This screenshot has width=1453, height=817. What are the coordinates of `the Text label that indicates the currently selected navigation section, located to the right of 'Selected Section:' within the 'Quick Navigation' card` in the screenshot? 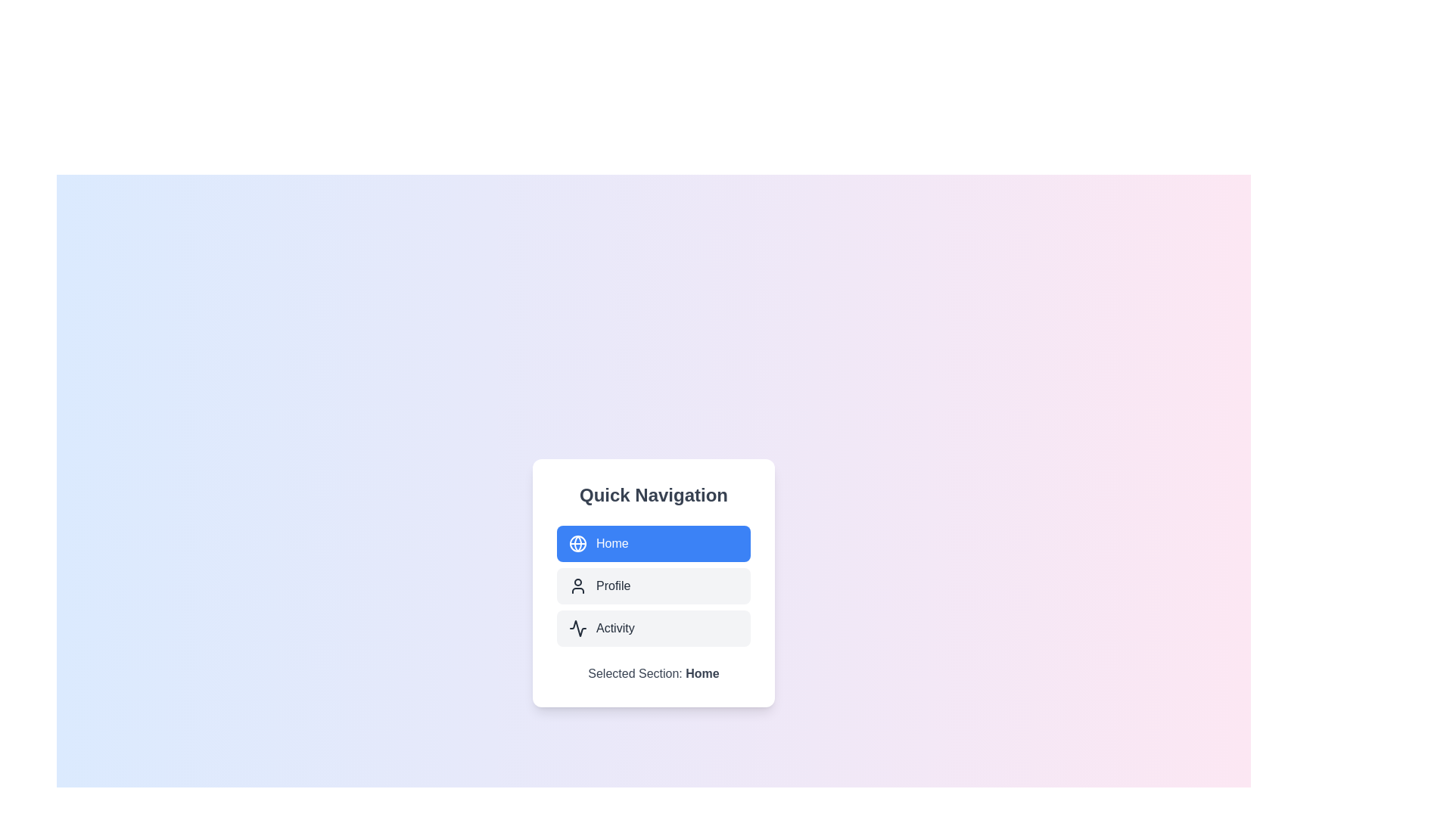 It's located at (702, 673).